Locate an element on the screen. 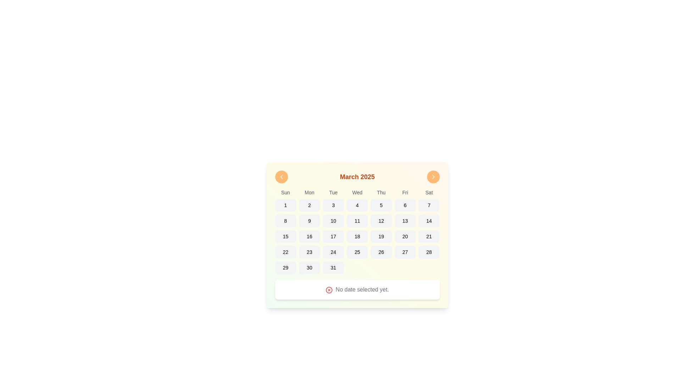 This screenshot has height=383, width=681. the static text label reading 'March 2025', which is displayed in bold, large orange-red font at the top section of the calendar interface is located at coordinates (357, 179).